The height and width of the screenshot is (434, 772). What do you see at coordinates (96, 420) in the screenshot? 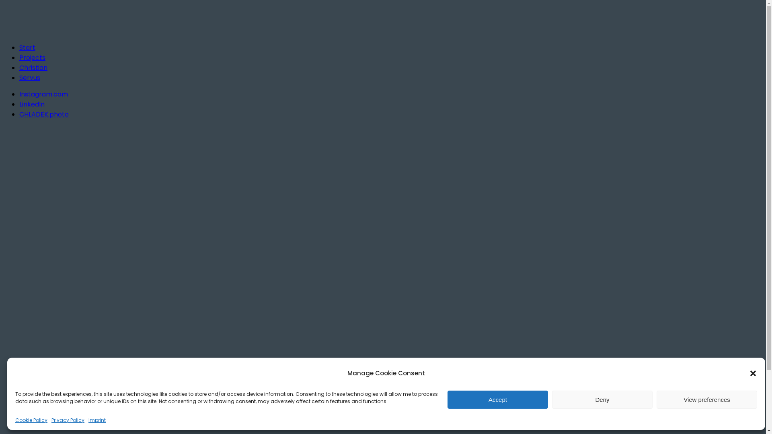
I see `'Imprint'` at bounding box center [96, 420].